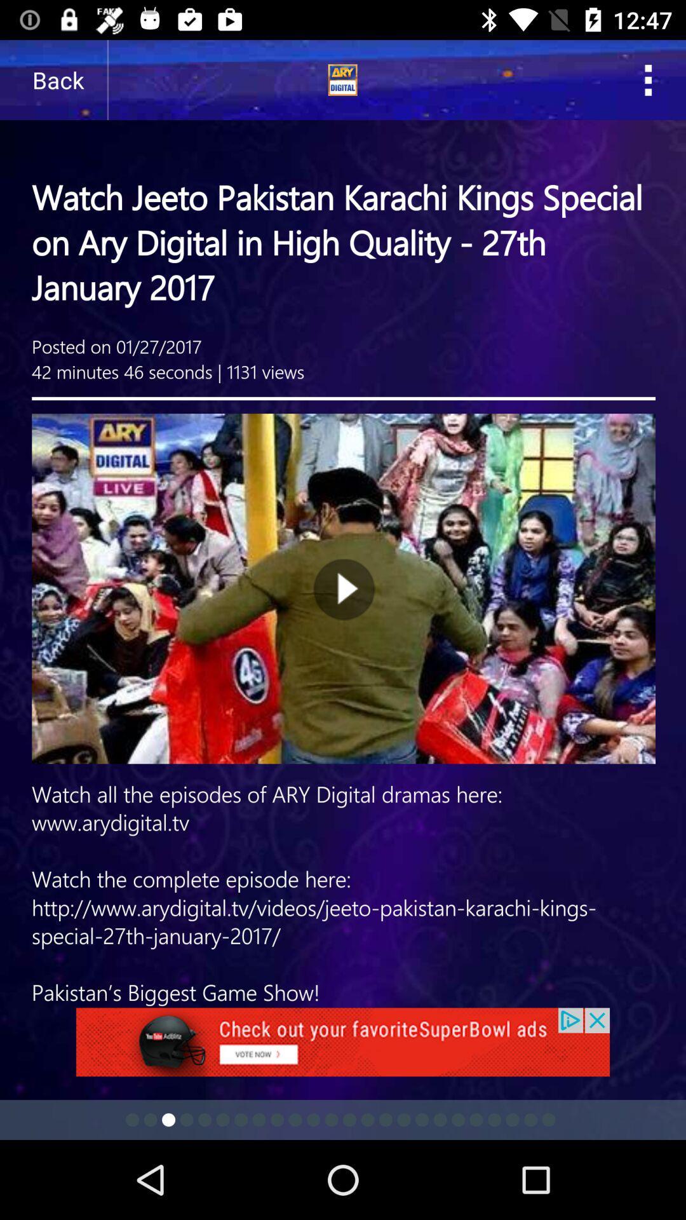 The height and width of the screenshot is (1220, 686). What do you see at coordinates (343, 1049) in the screenshot?
I see `the option` at bounding box center [343, 1049].